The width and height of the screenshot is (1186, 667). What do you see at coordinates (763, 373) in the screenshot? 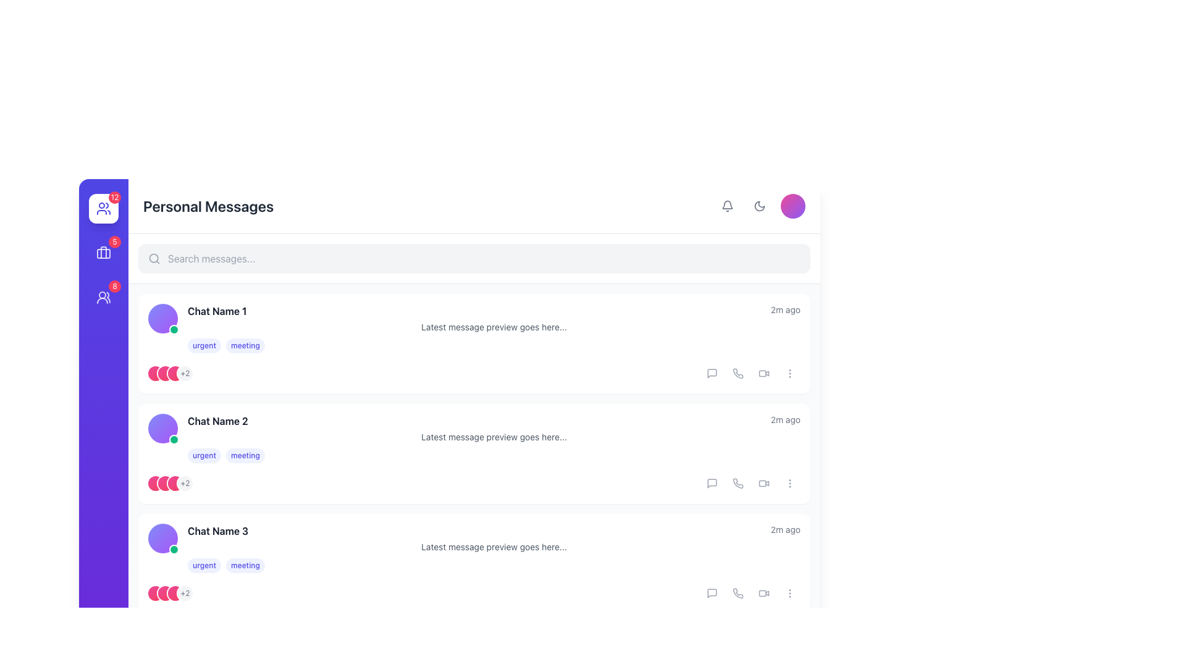
I see `the video camera icon, which is the third icon from the right in the chat message entry` at bounding box center [763, 373].